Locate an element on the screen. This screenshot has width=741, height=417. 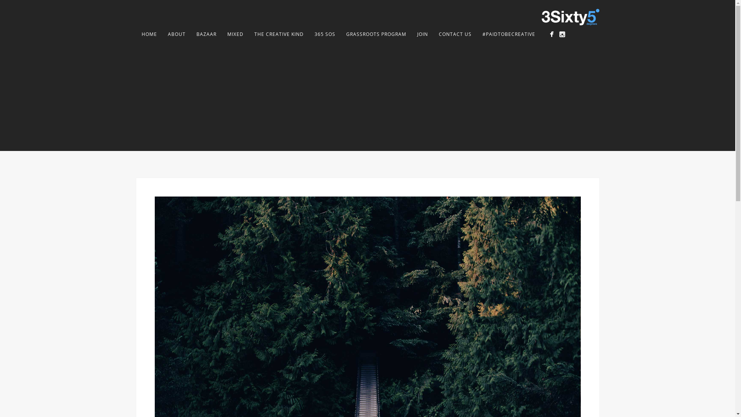
'Facebook Page' is located at coordinates (551, 34).